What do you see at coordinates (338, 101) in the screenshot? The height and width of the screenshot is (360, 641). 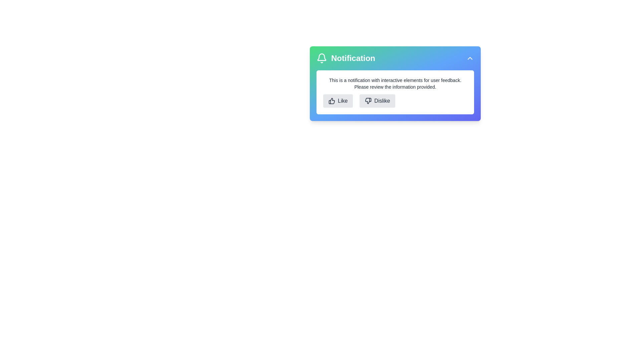 I see `the Like button to provide feedback` at bounding box center [338, 101].